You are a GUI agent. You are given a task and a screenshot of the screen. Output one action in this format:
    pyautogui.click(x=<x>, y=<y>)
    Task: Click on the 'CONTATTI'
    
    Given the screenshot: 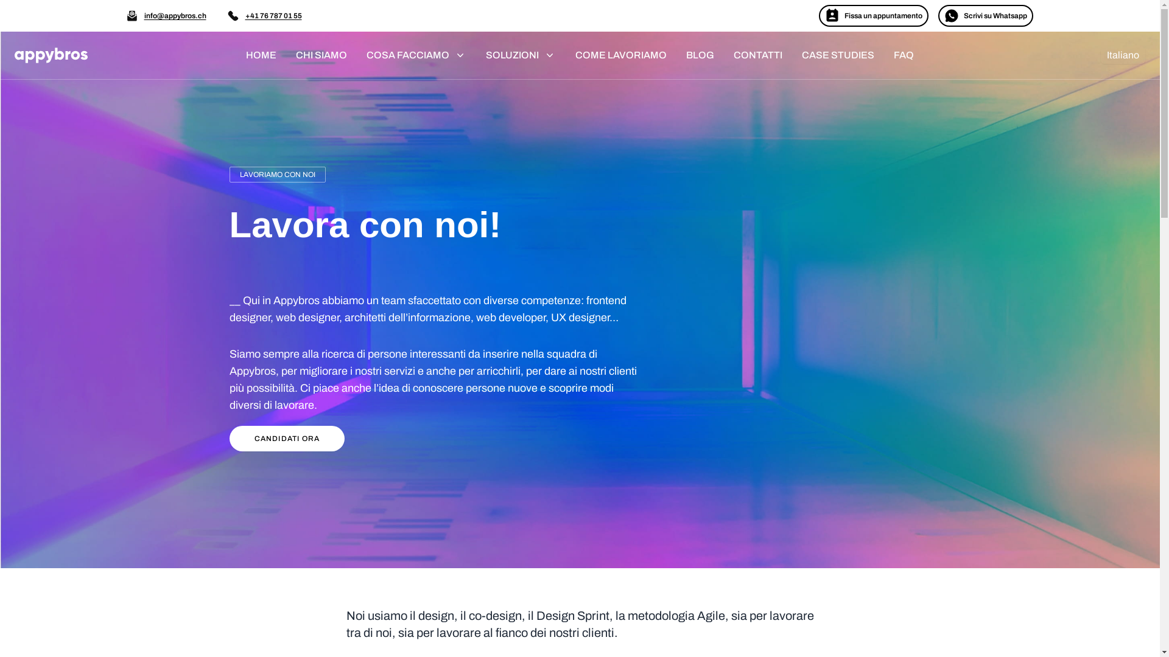 What is the action you would take?
    pyautogui.click(x=757, y=55)
    